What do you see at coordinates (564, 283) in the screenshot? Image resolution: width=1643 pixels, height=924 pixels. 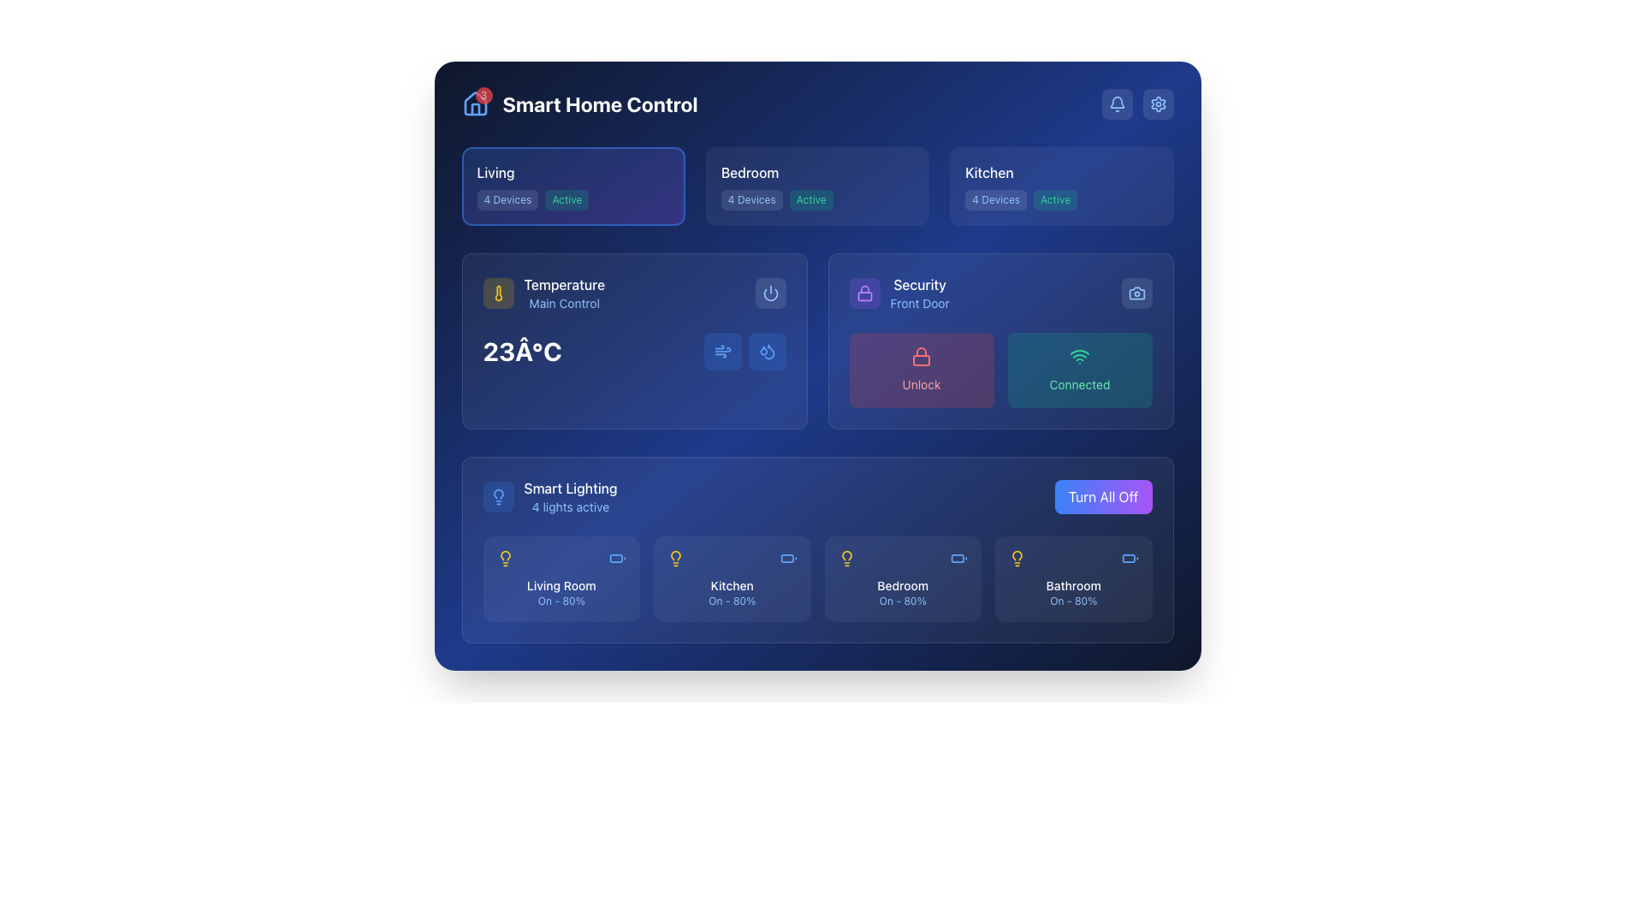 I see `the 'Temperature' text label, which indicates the functionality related to temperature within the 'TemperatureMain Control' panel, positioned above the 'Main Control' label` at bounding box center [564, 283].